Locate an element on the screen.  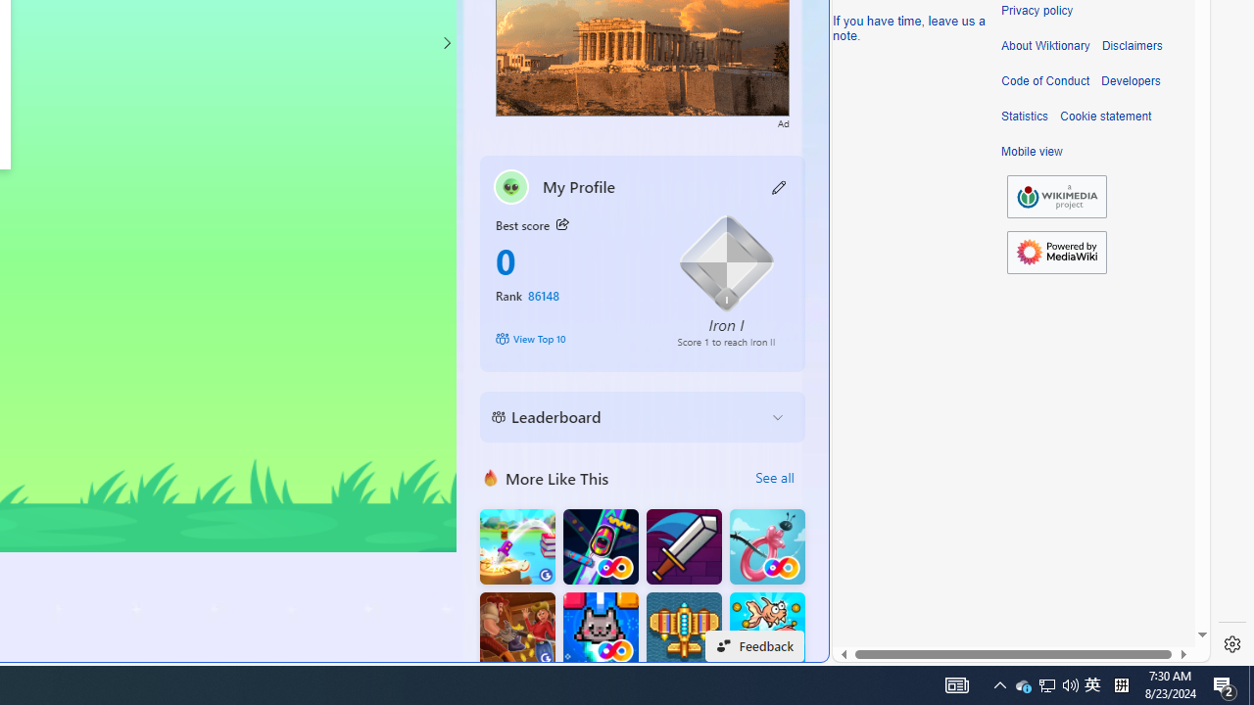
'Powered by MediaWiki' is located at coordinates (1056, 252).